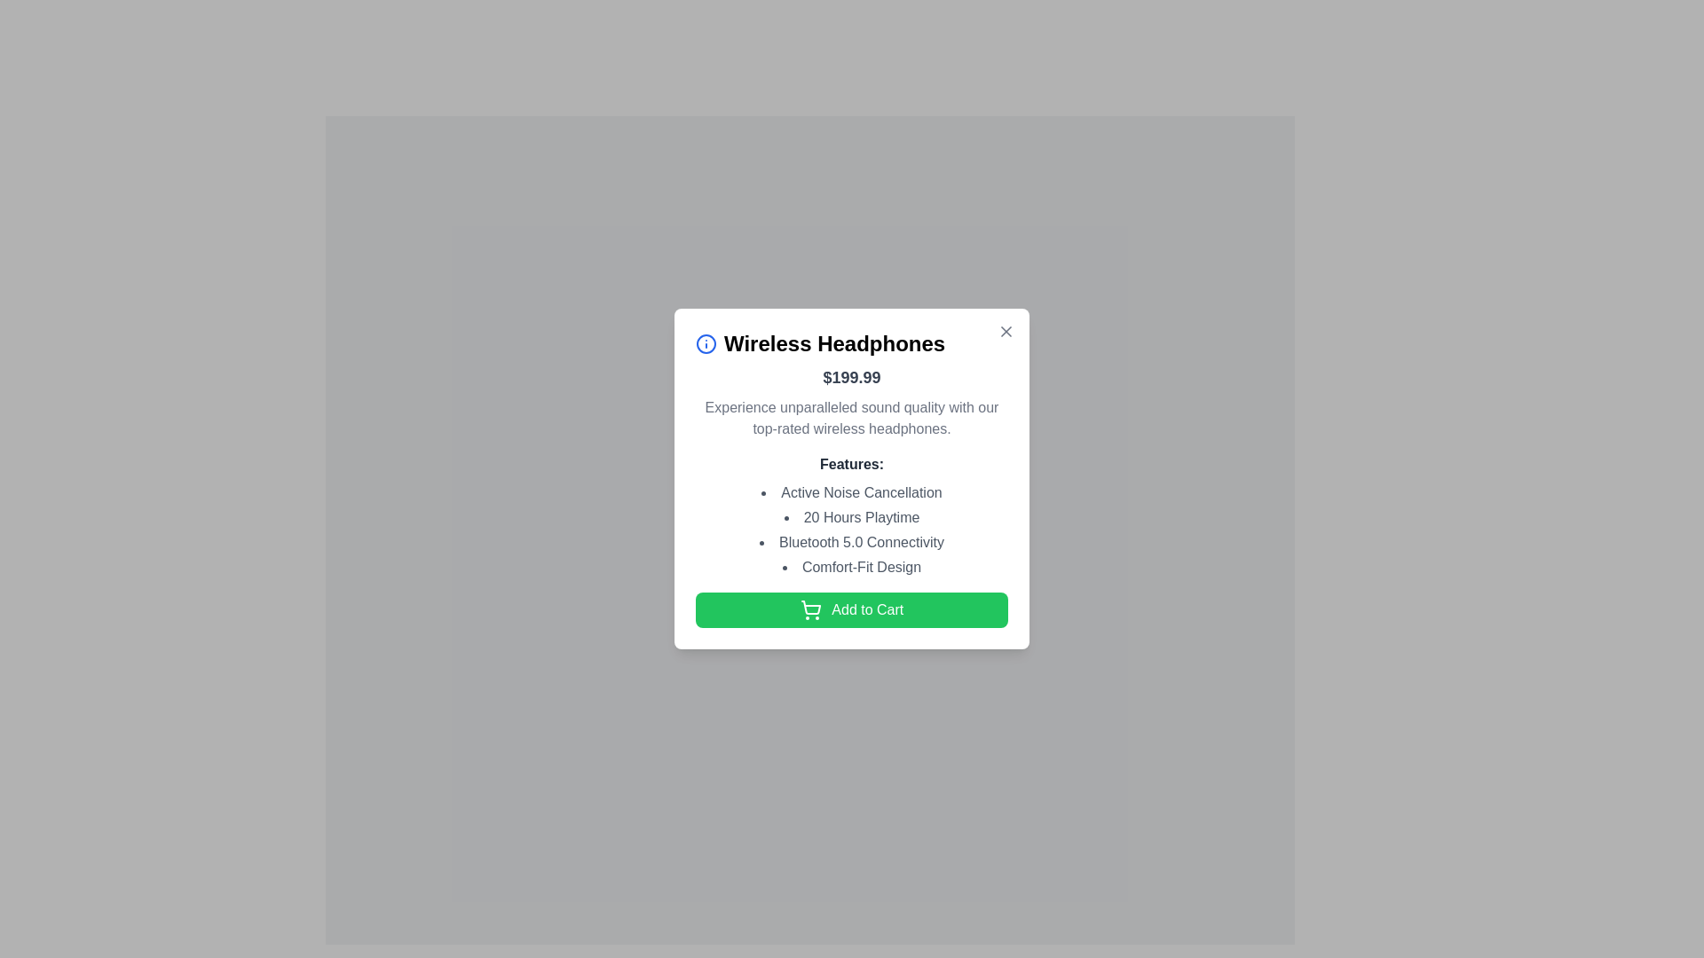  Describe the element at coordinates (1006, 331) in the screenshot. I see `the diagonal line segment forming part of the close button located at the top-right corner of the dialog box` at that location.